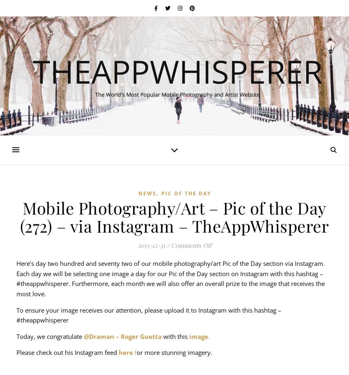  What do you see at coordinates (151, 245) in the screenshot?
I see `'2015-12-31'` at bounding box center [151, 245].